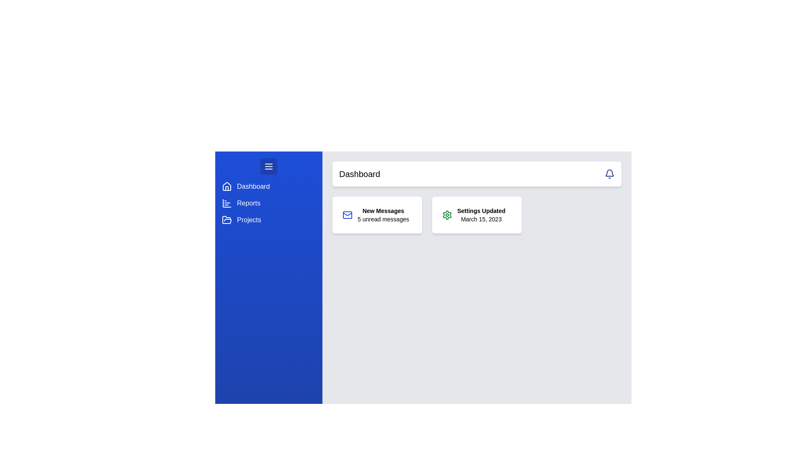 The width and height of the screenshot is (804, 452). What do you see at coordinates (269, 203) in the screenshot?
I see `the second item in the vertical navigation menu located on the left side of the page, which is positioned below the 'Dashboard' row and above the 'Projects' row` at bounding box center [269, 203].